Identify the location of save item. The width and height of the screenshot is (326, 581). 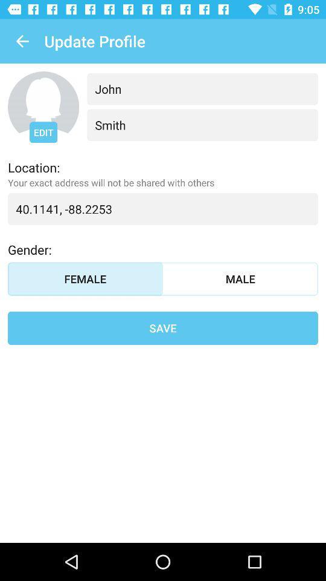
(163, 328).